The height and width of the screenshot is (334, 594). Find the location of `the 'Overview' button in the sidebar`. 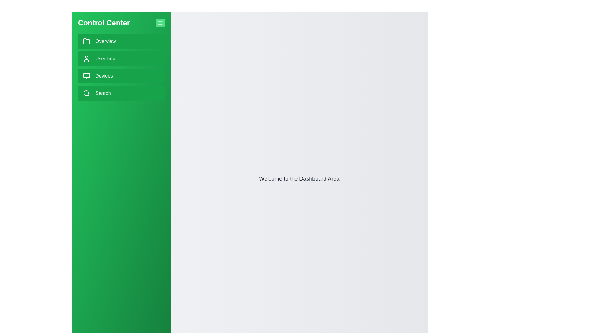

the 'Overview' button in the sidebar is located at coordinates (121, 41).